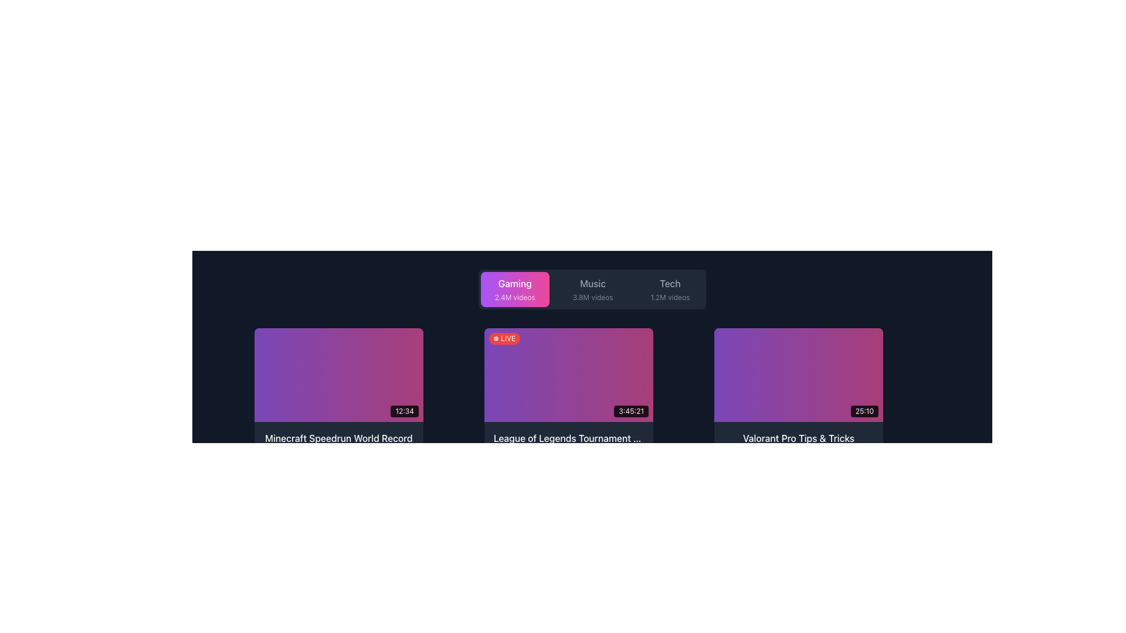 The image size is (1126, 633). I want to click on text from the Text Label displaying 'Minecraft Speedrun World Record' positioned below the video thumbnail's timestamp, so click(338, 447).